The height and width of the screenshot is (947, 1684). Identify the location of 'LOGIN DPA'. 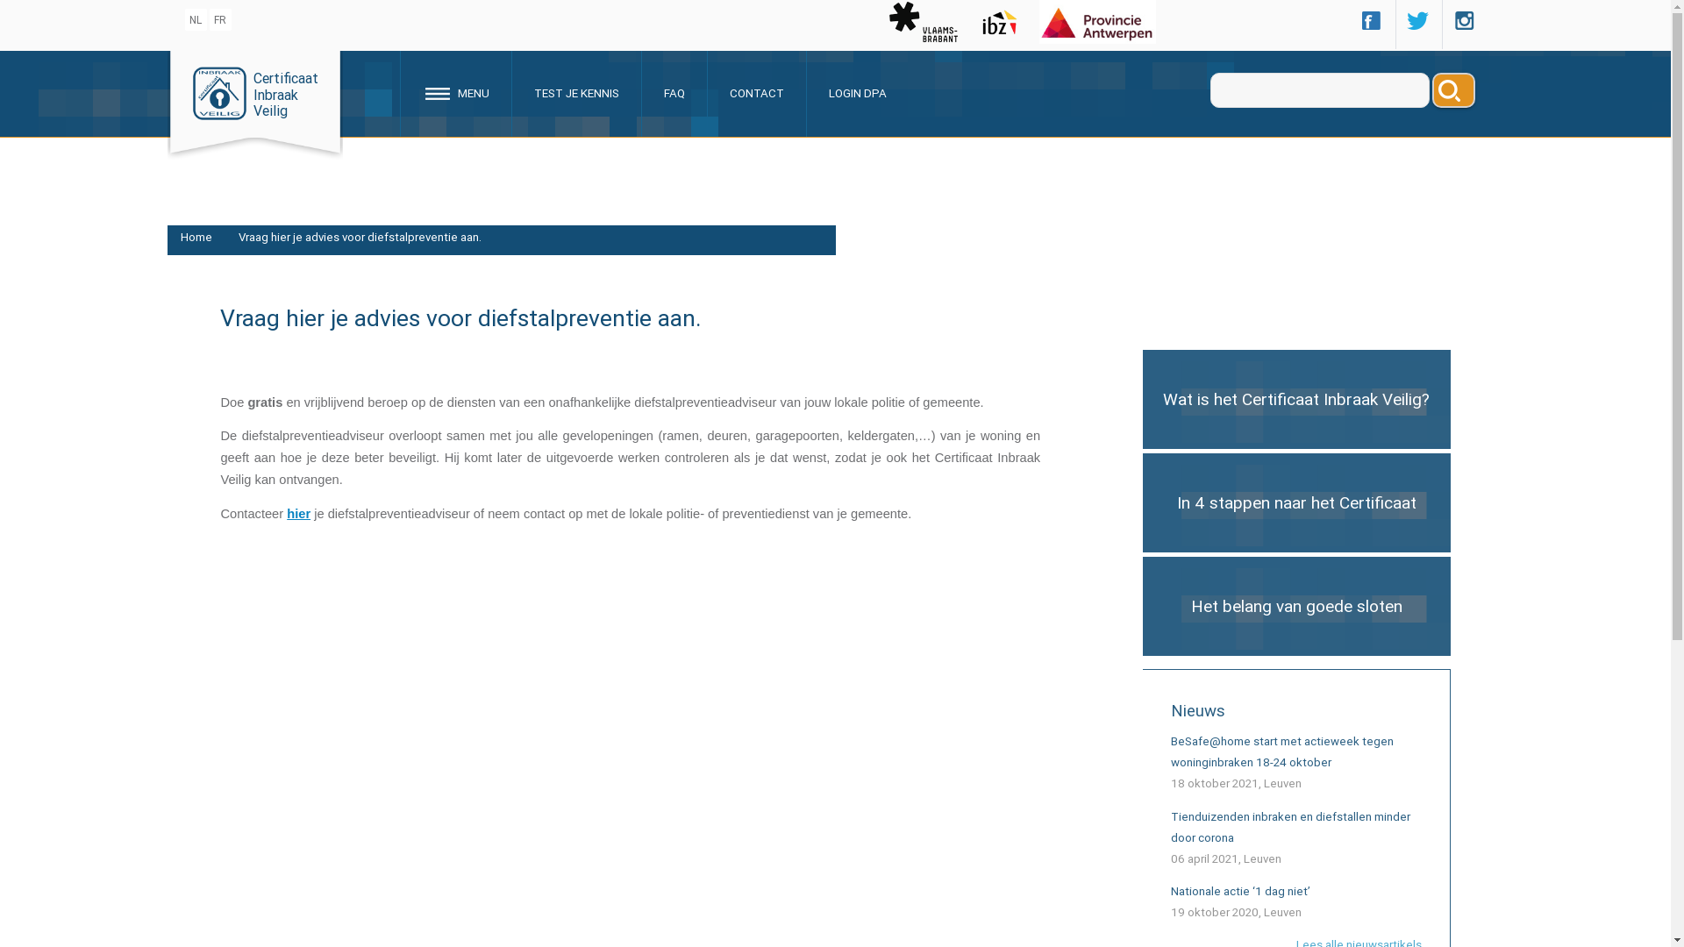
(857, 94).